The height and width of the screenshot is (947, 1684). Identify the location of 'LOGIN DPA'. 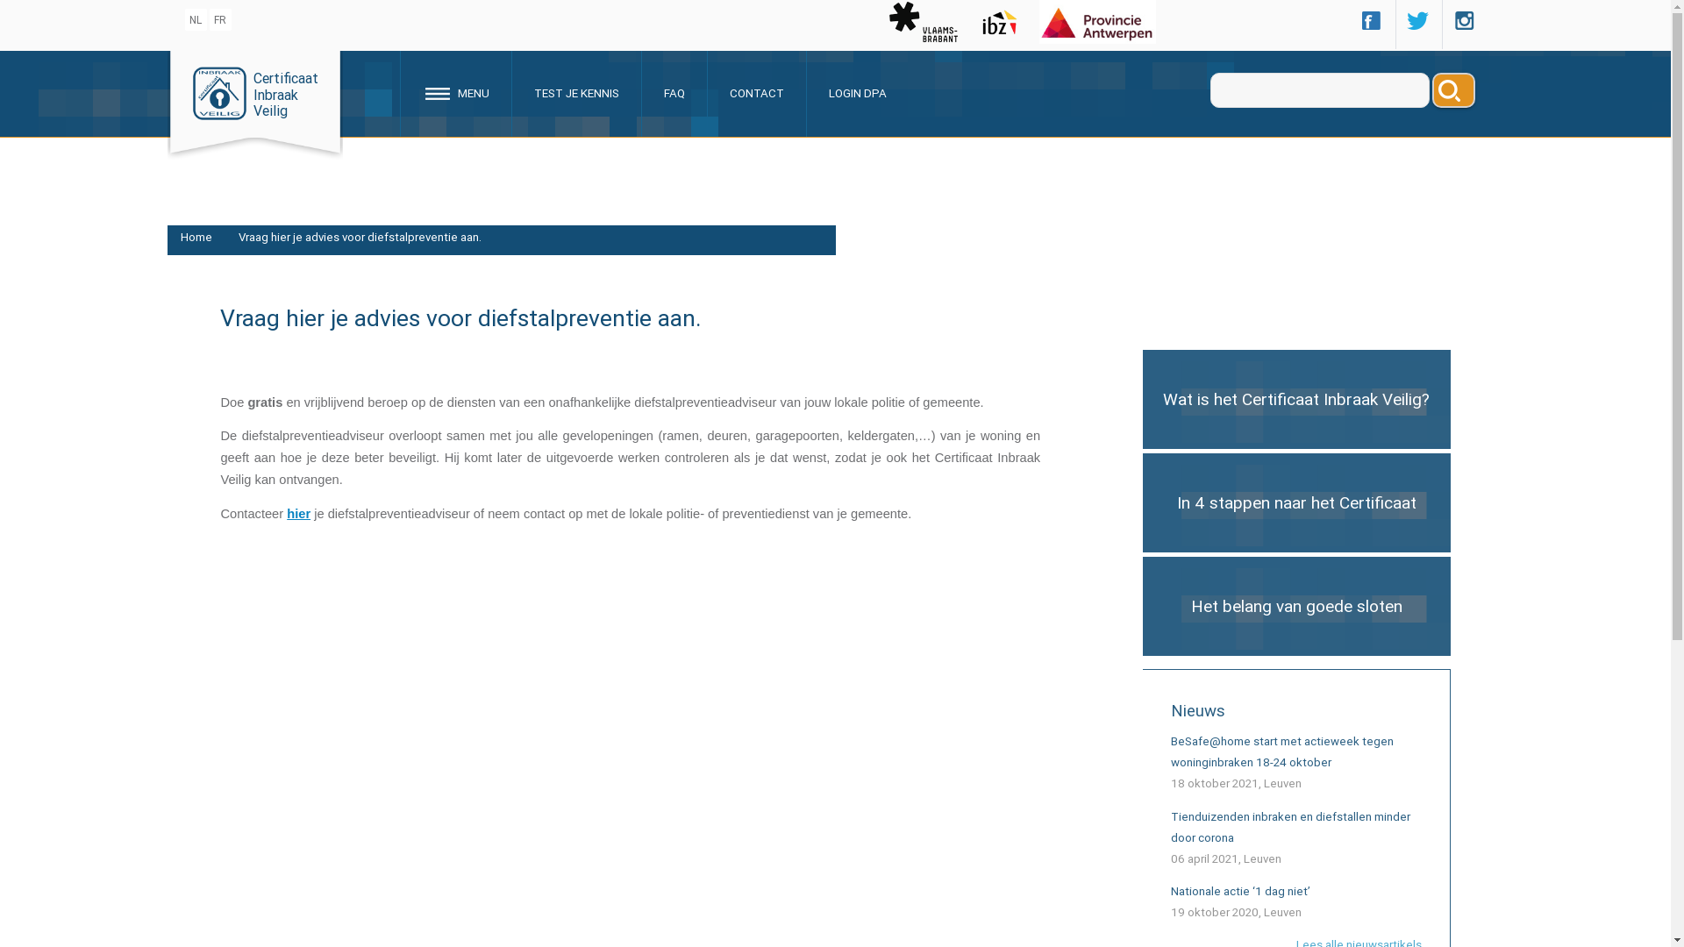
(857, 94).